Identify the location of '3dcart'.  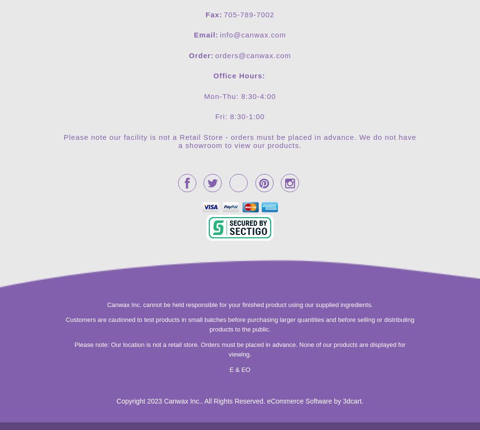
(351, 401).